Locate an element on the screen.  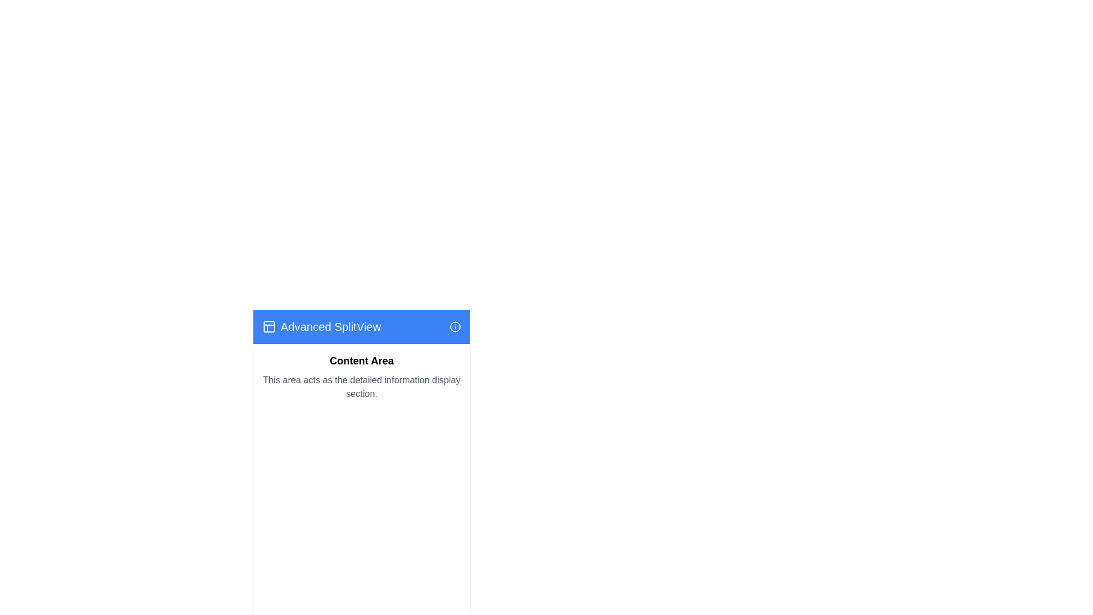
the grid layout icon, which has a white stroke and is positioned against a blue background, located to the left of the 'Advanced SplitView' text in the header section is located at coordinates (269, 327).